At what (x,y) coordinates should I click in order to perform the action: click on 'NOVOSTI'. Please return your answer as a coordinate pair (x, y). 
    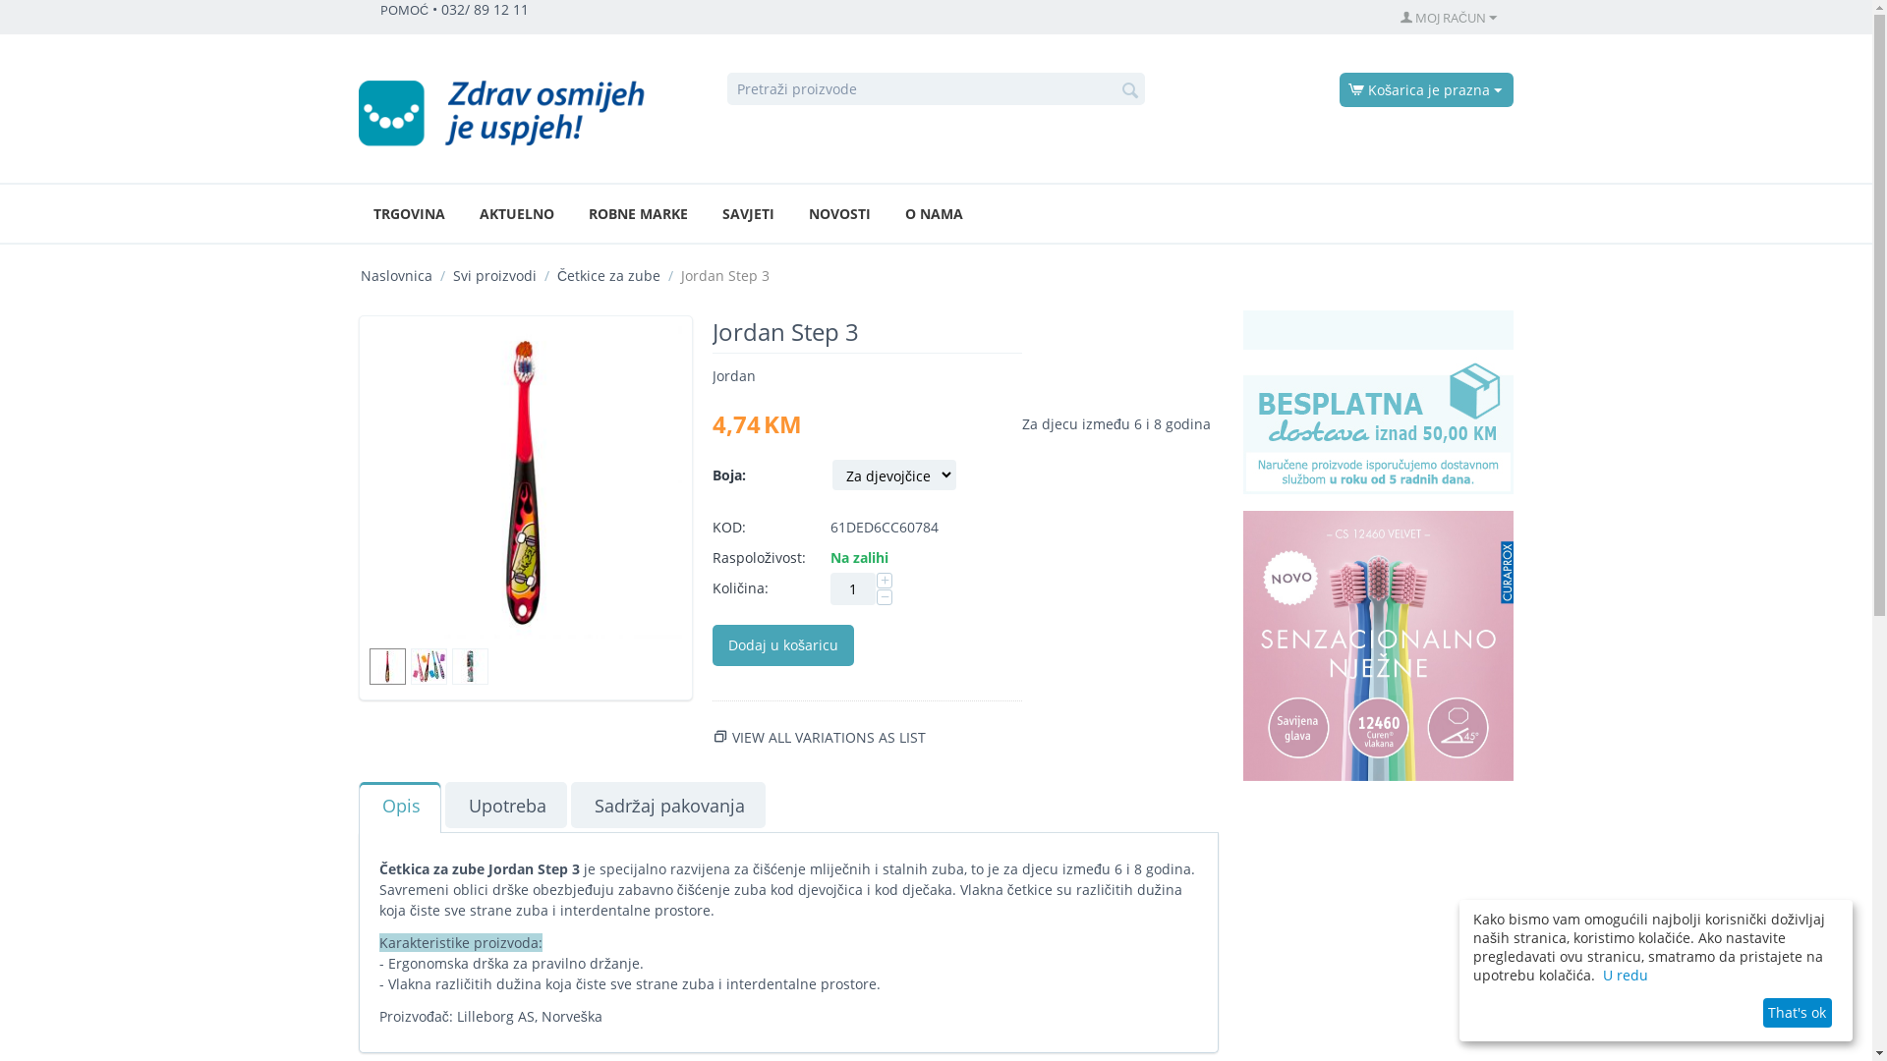
    Looking at the image, I should click on (839, 213).